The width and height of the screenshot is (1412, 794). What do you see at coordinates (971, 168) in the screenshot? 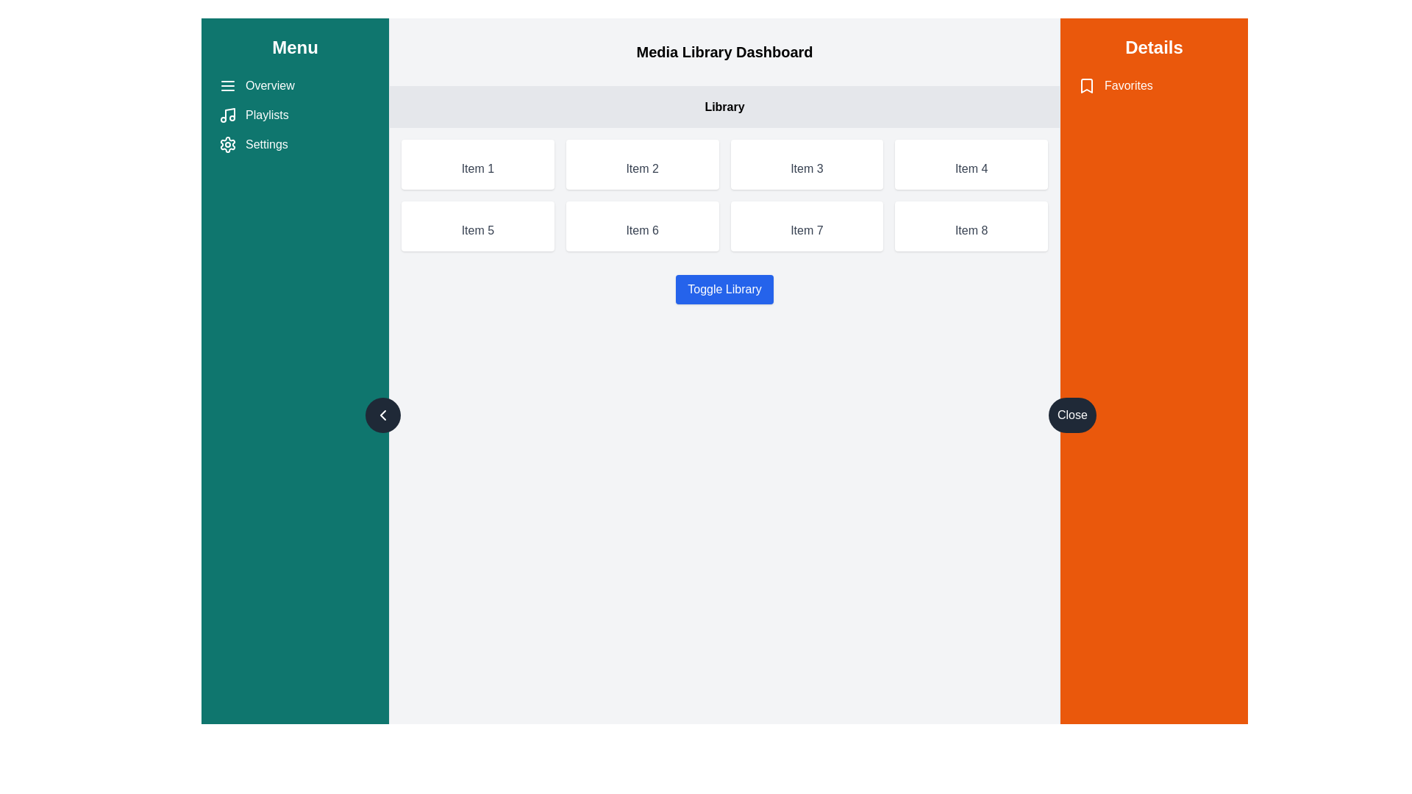
I see `the Text label displaying 'Item 4', which is located in the Library section within a white rectangular card` at bounding box center [971, 168].